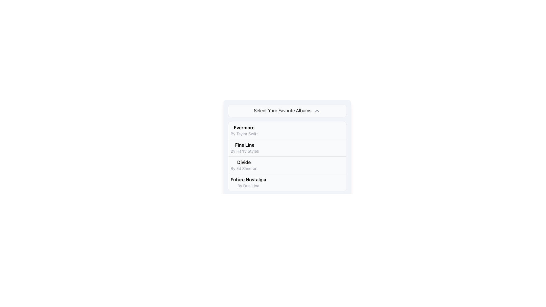 The width and height of the screenshot is (546, 307). What do you see at coordinates (244, 127) in the screenshot?
I see `the text label for the album 'Evermore', which is centrally aligned in the list of album titles and positioned above the subtitle 'By Taylor Swift'` at bounding box center [244, 127].